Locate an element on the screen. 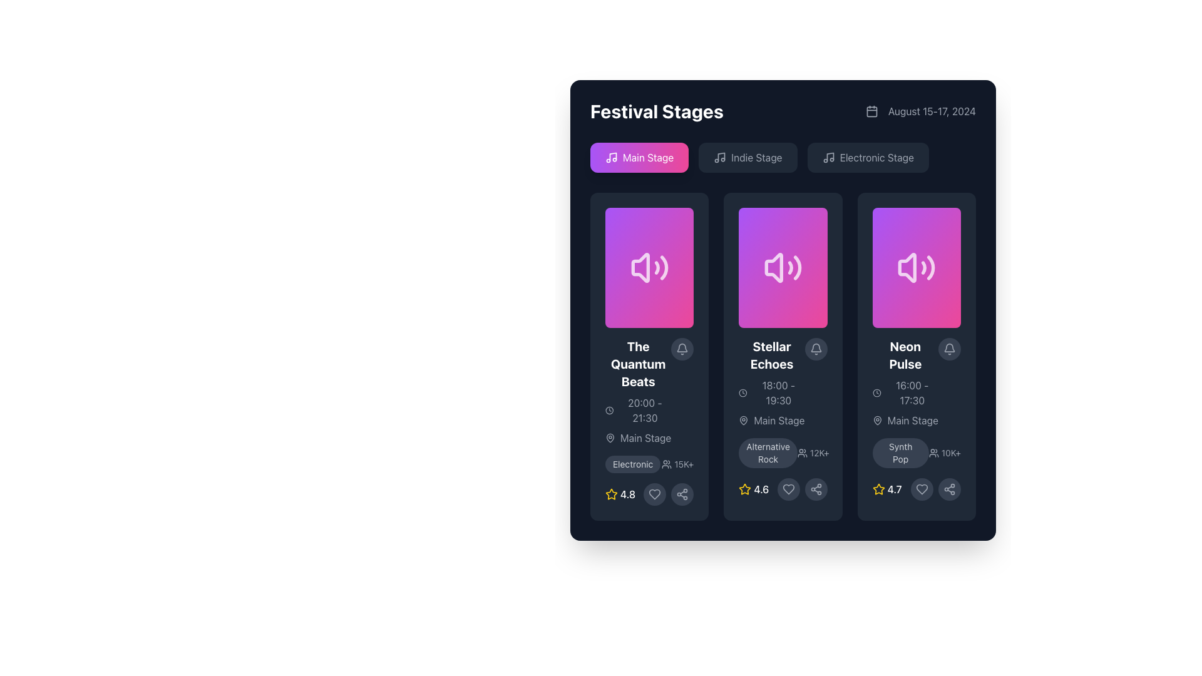 This screenshot has width=1202, height=676. the decorative icon representing the time range for the event 'Stellar Echoes', located in the second column of event cards above the text '18:00 - 19:30' is located at coordinates (743, 392).